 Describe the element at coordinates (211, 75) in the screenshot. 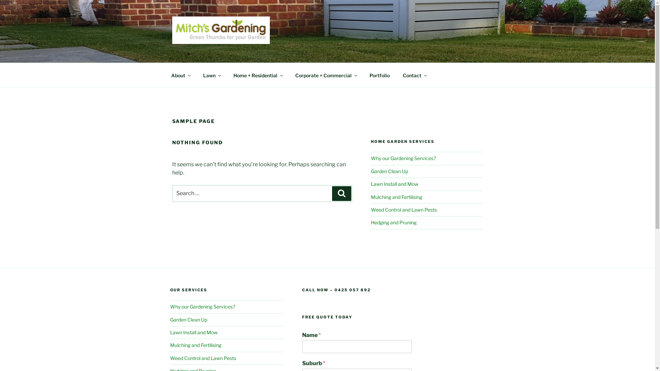

I see `'Lawn'` at that location.